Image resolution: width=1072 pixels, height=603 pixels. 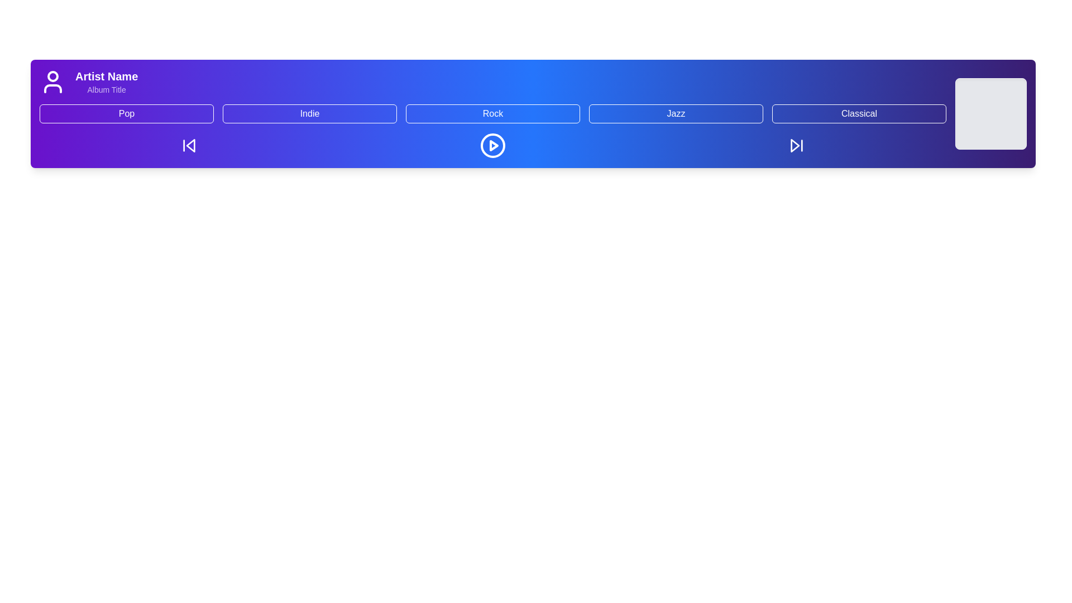 What do you see at coordinates (492, 145) in the screenshot?
I see `the play button, which is centrally located on the gradient blue bar interface` at bounding box center [492, 145].